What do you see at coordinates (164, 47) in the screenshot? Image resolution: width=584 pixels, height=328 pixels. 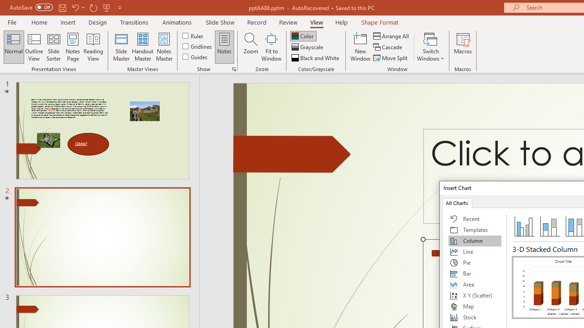 I see `'Notes Master'` at bounding box center [164, 47].